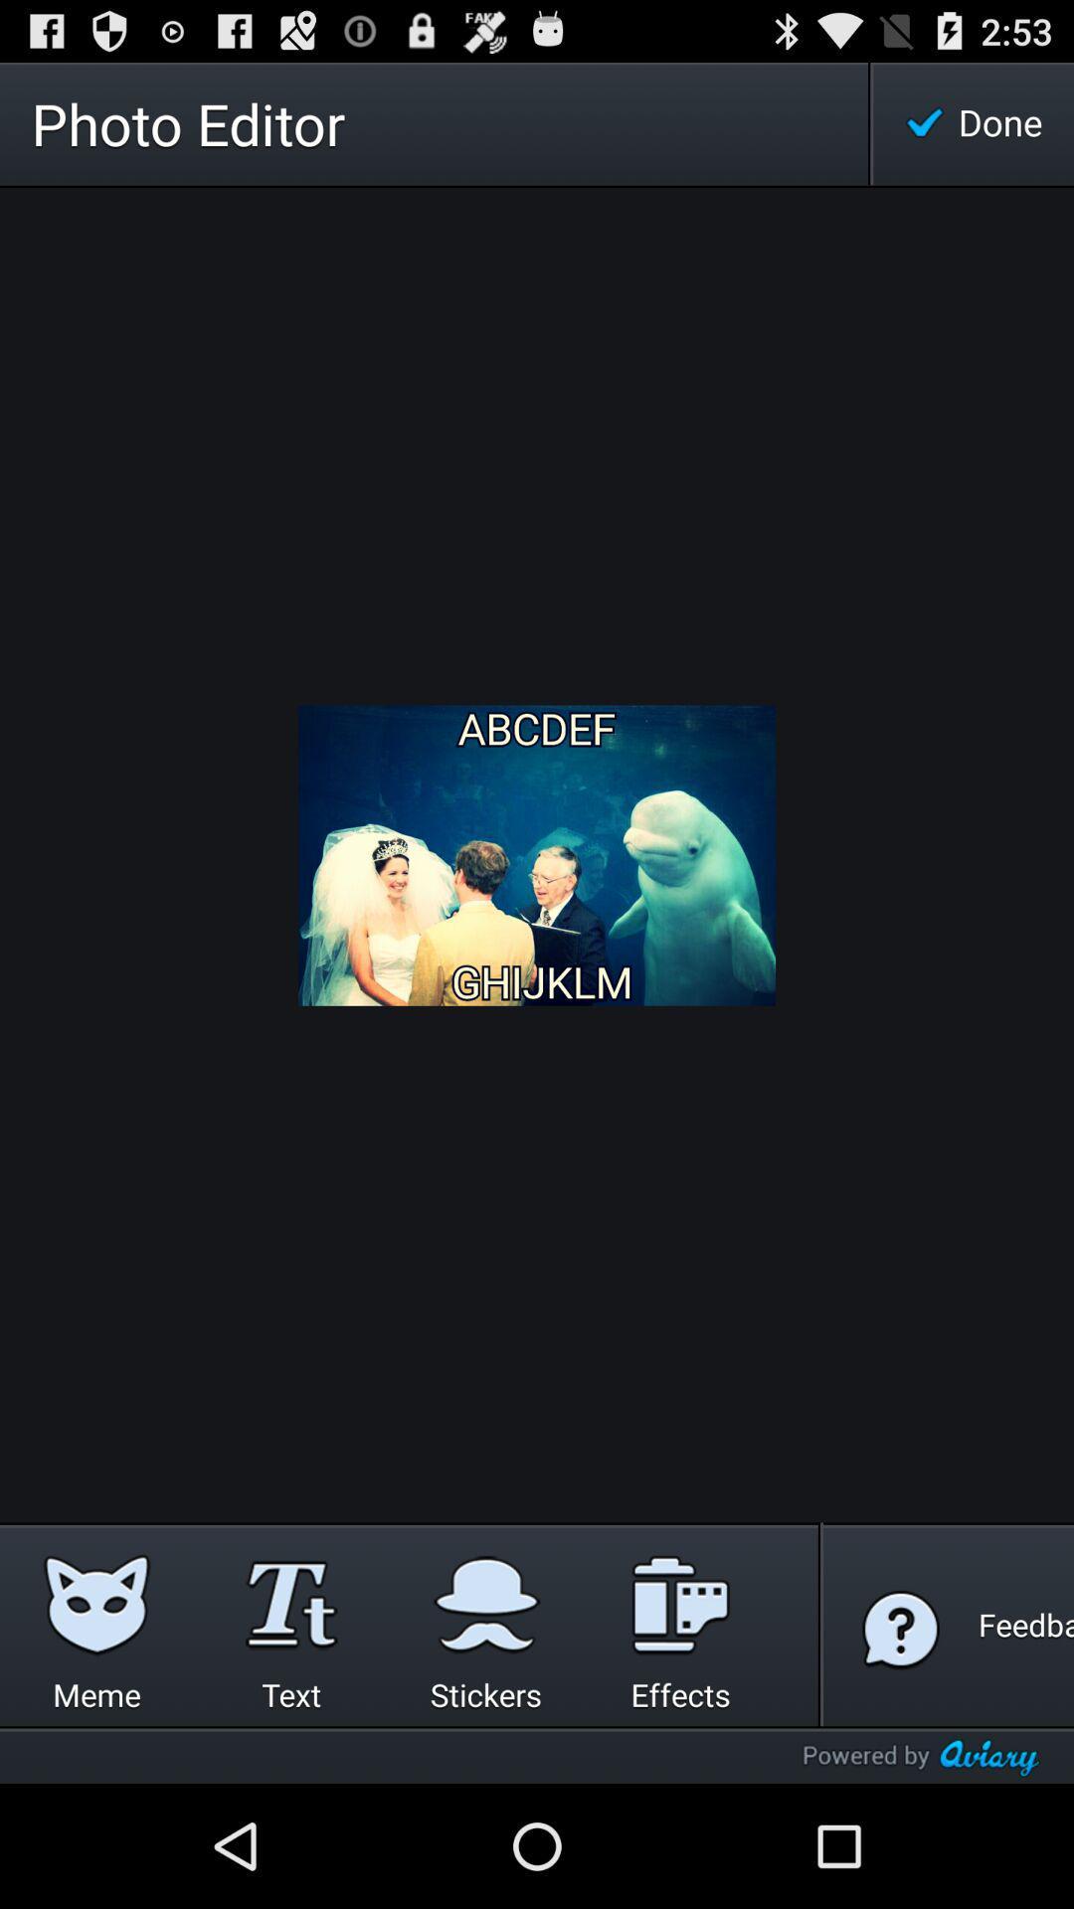 This screenshot has height=1909, width=1074. Describe the element at coordinates (973, 122) in the screenshot. I see `done icon` at that location.